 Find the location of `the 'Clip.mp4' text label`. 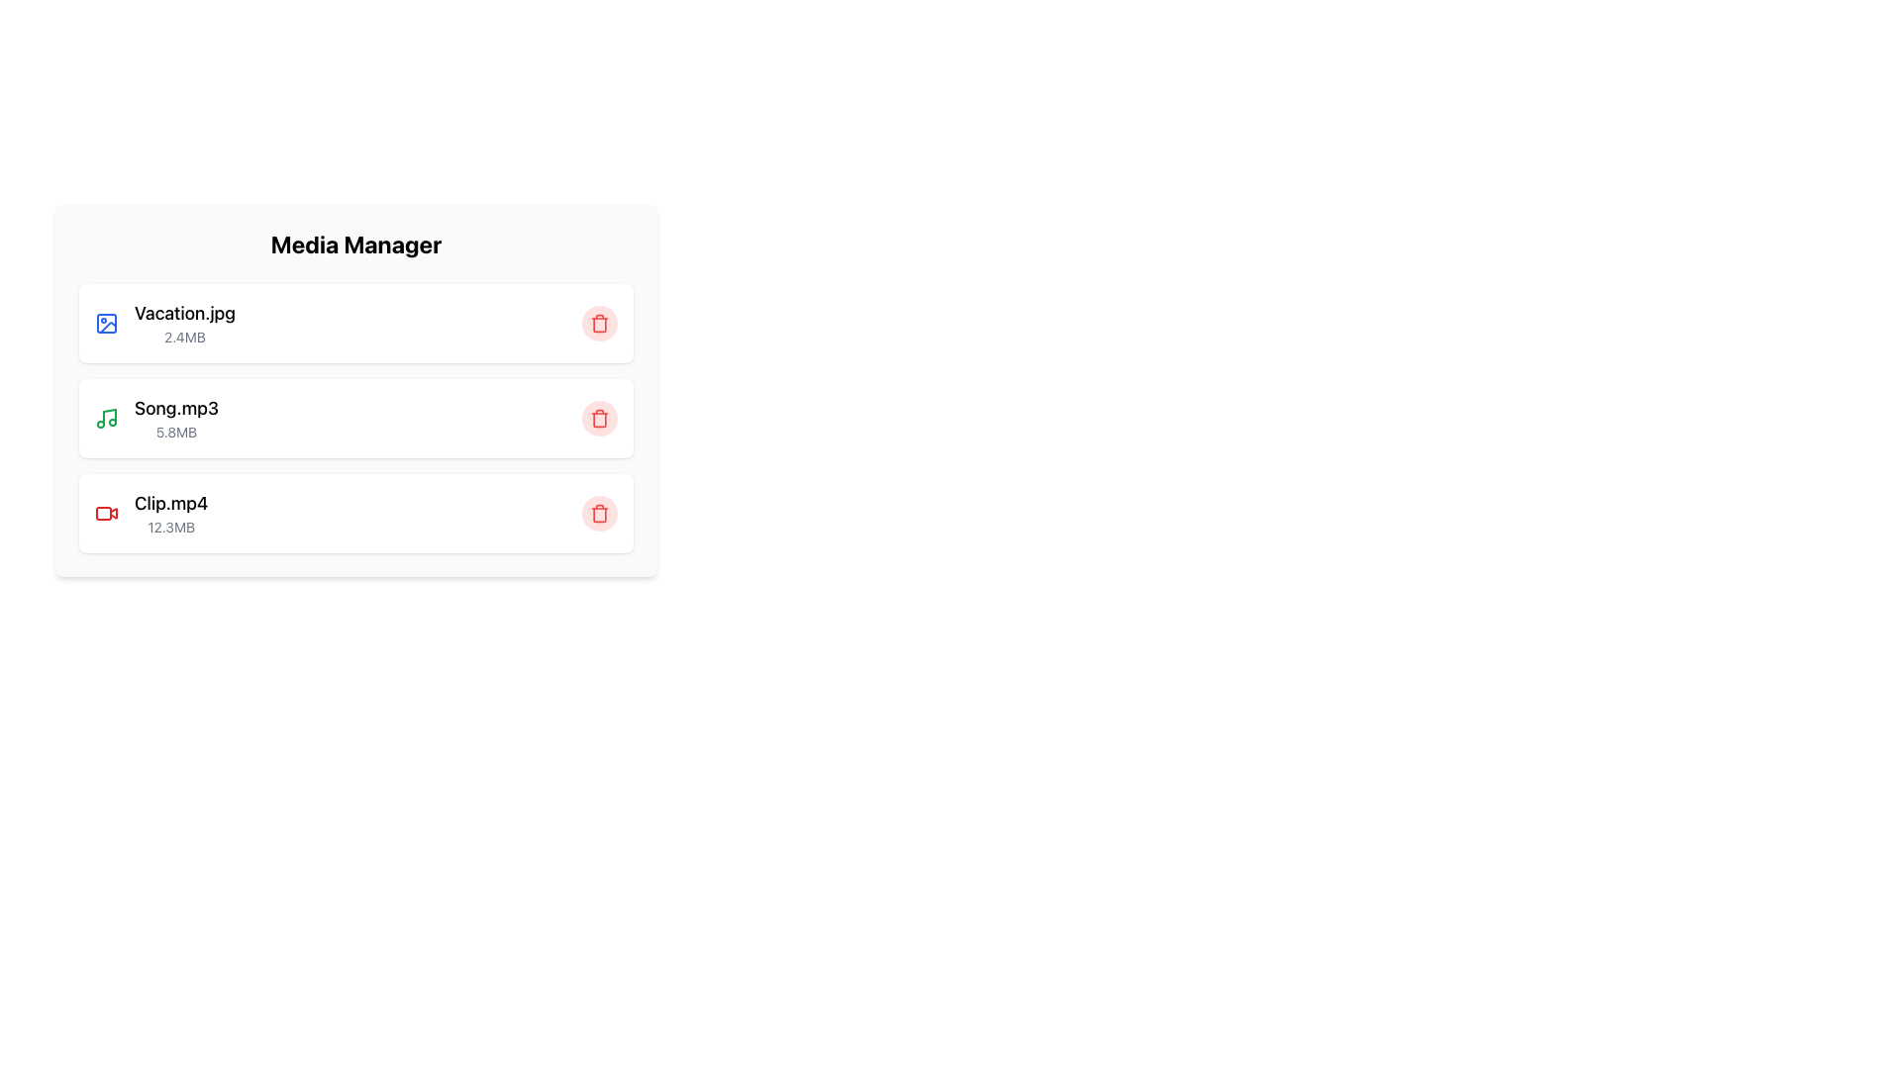

the 'Clip.mp4' text label is located at coordinates (171, 513).